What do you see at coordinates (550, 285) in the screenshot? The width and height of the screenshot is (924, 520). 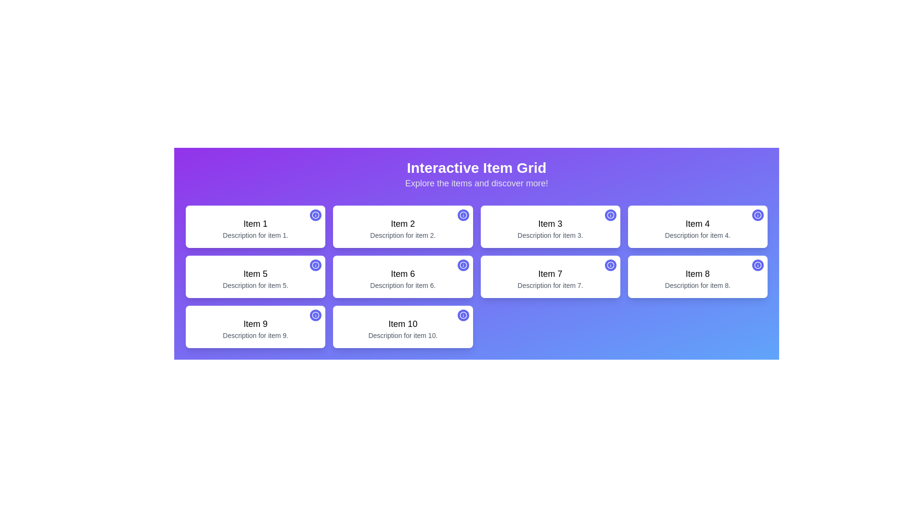 I see `displayed text of the Text Label located beneath the title 'Item 7' in the second row and third column of the grid layout` at bounding box center [550, 285].